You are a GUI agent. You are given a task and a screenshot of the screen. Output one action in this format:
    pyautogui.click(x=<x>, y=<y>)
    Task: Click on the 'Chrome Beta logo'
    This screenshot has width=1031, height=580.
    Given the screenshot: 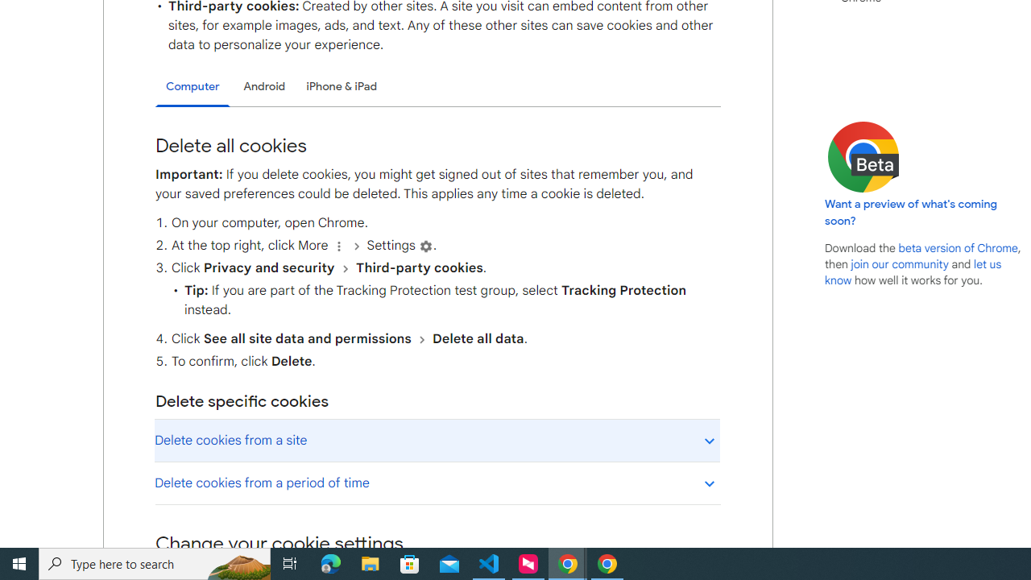 What is the action you would take?
    pyautogui.click(x=863, y=157)
    